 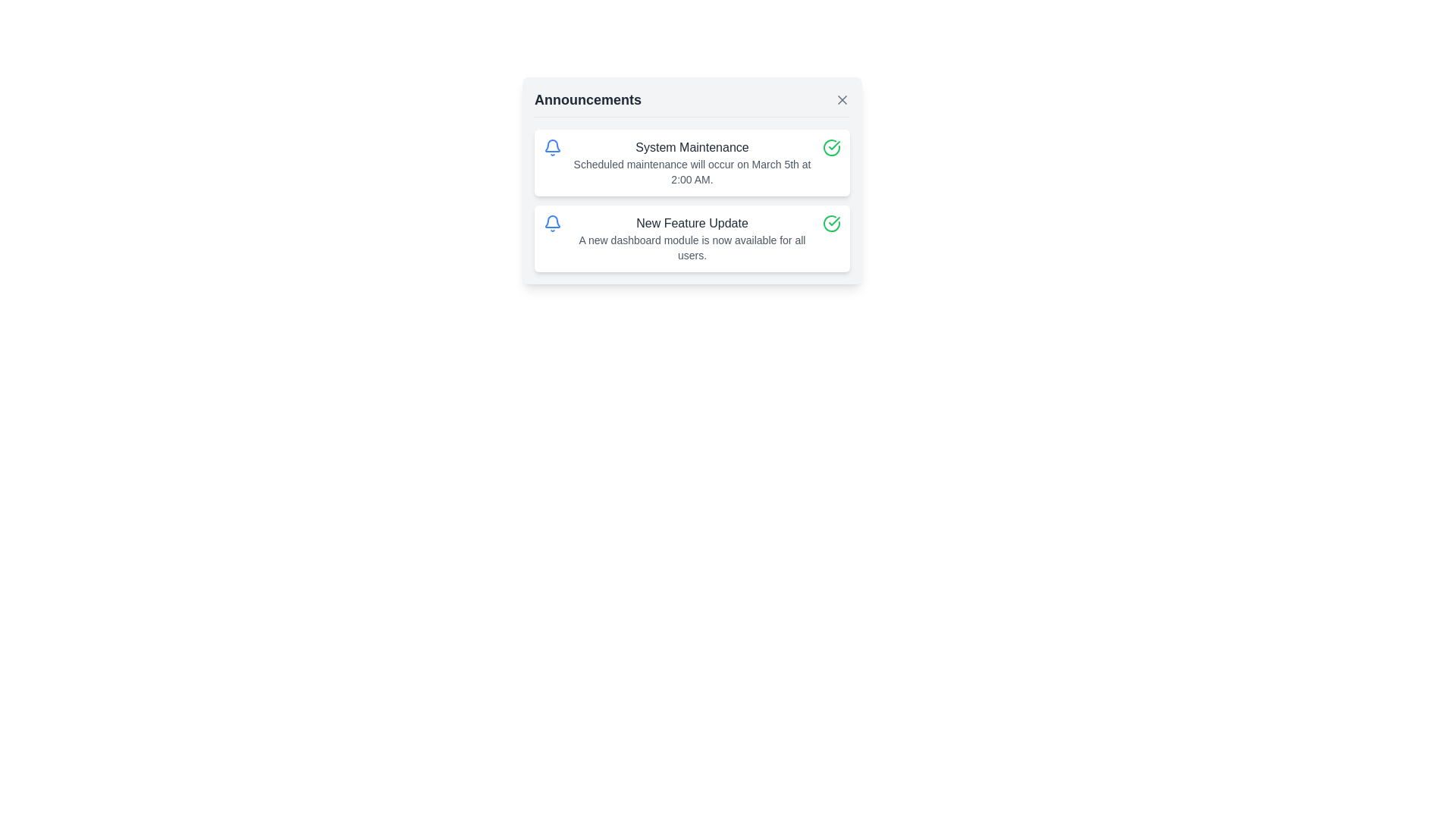 What do you see at coordinates (833, 221) in the screenshot?
I see `the checkmark graphic indicating a completed or confirmed action, which has a thin, green outline and is located to the right of the text 'System Maintenance' in the announcements list` at bounding box center [833, 221].